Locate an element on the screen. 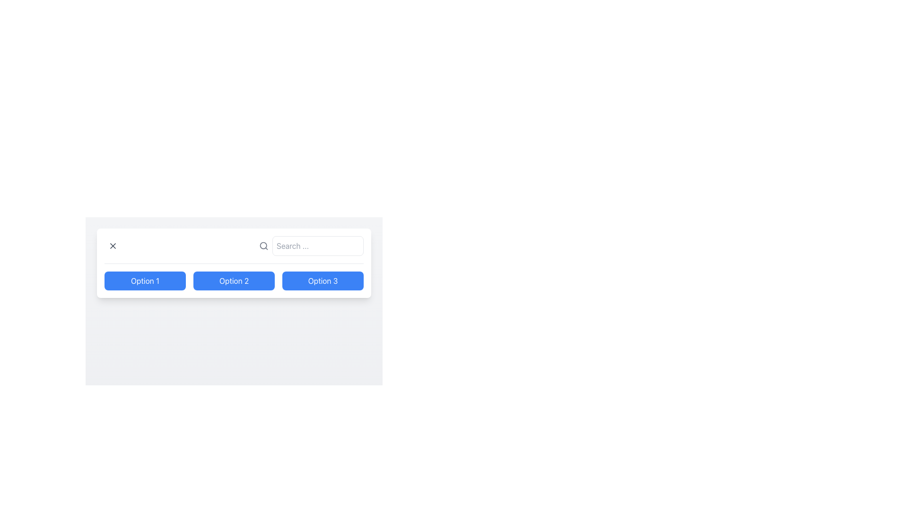 The width and height of the screenshot is (908, 510). the close button located at the top-left corner of the interface is located at coordinates (113, 245).